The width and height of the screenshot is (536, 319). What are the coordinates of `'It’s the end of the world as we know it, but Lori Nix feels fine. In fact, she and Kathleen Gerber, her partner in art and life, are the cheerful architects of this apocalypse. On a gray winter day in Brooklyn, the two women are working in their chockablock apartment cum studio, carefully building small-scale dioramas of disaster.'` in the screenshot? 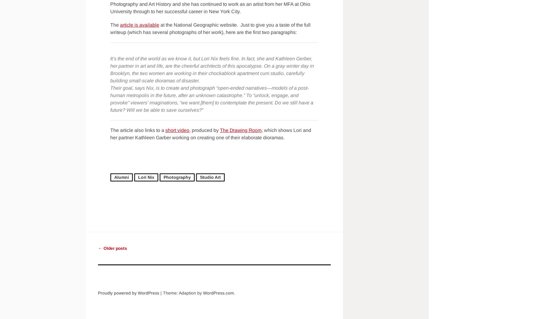 It's located at (212, 69).